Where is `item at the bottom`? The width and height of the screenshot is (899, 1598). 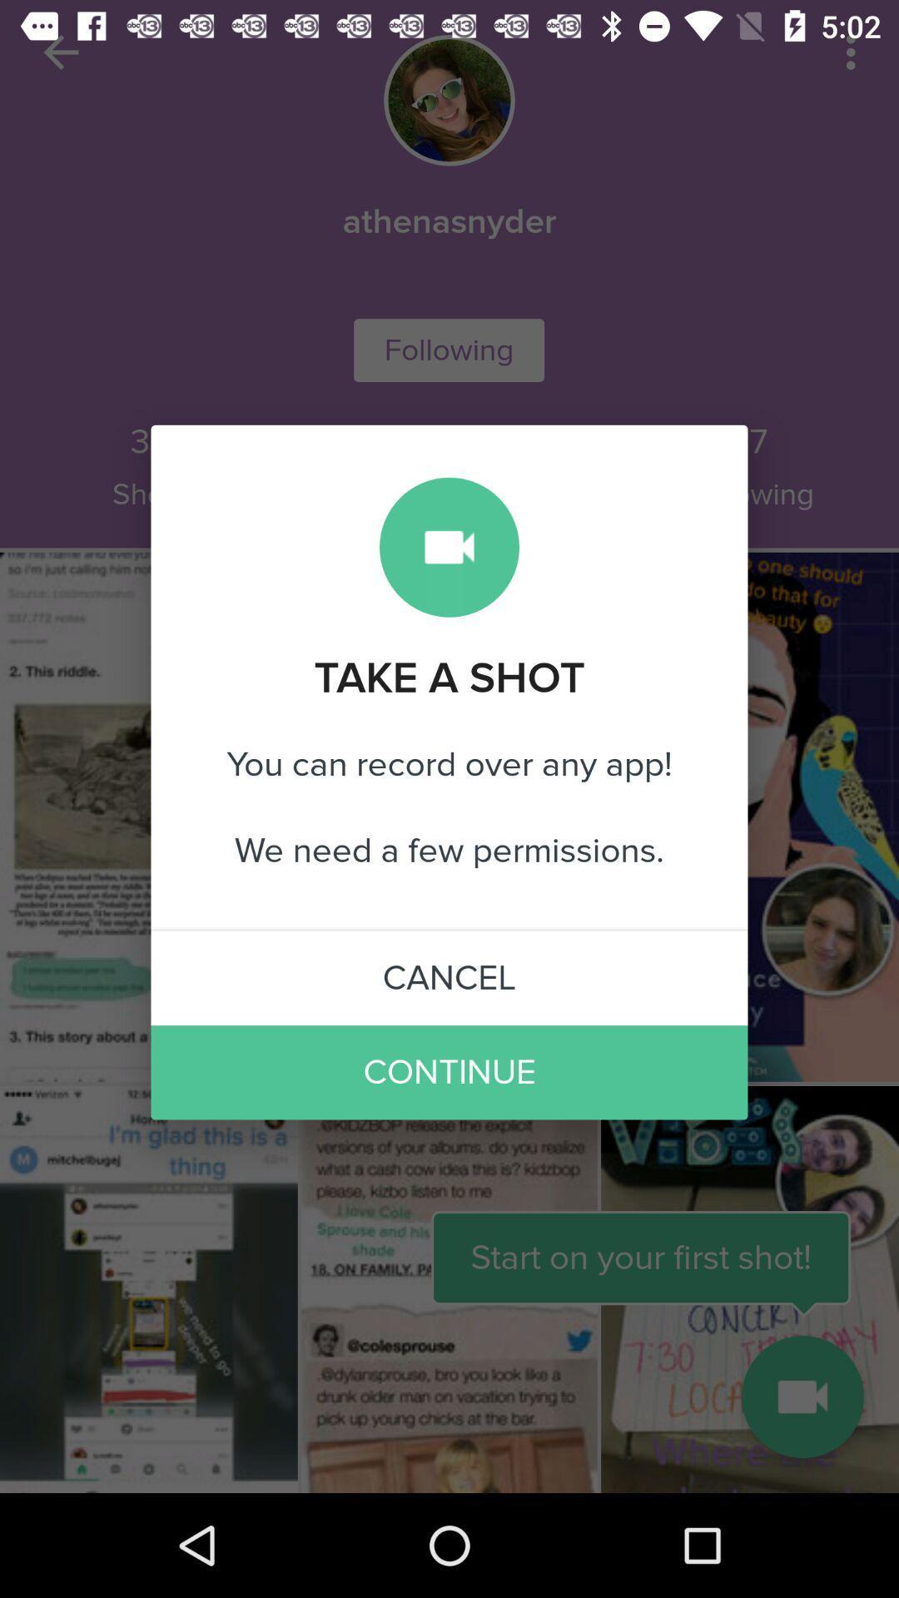
item at the bottom is located at coordinates (449, 1072).